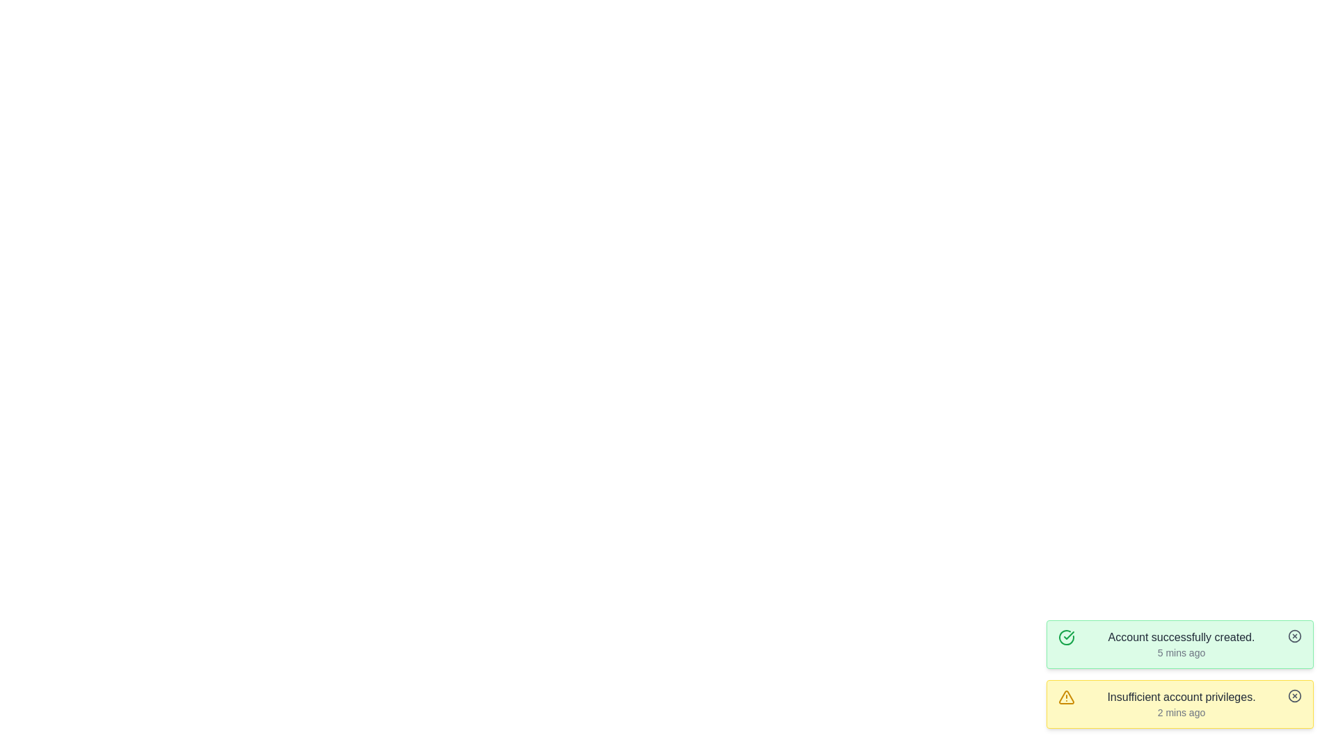  What do you see at coordinates (1294, 696) in the screenshot?
I see `the SVG Circle that serves as a dismiss or close button for the second notification, located at the right side of the notification text` at bounding box center [1294, 696].